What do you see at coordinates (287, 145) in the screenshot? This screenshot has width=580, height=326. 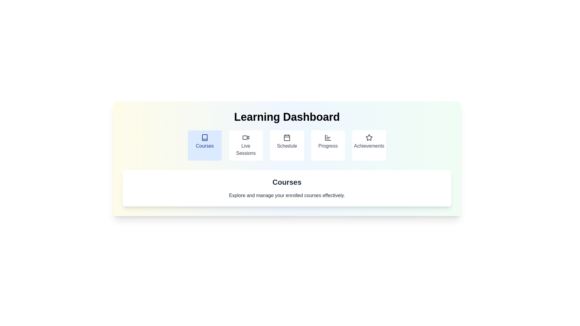 I see `the 'Schedule' button, which is the third button from the left in a row of five buttons under the 'Learning Dashboard' heading` at bounding box center [287, 145].